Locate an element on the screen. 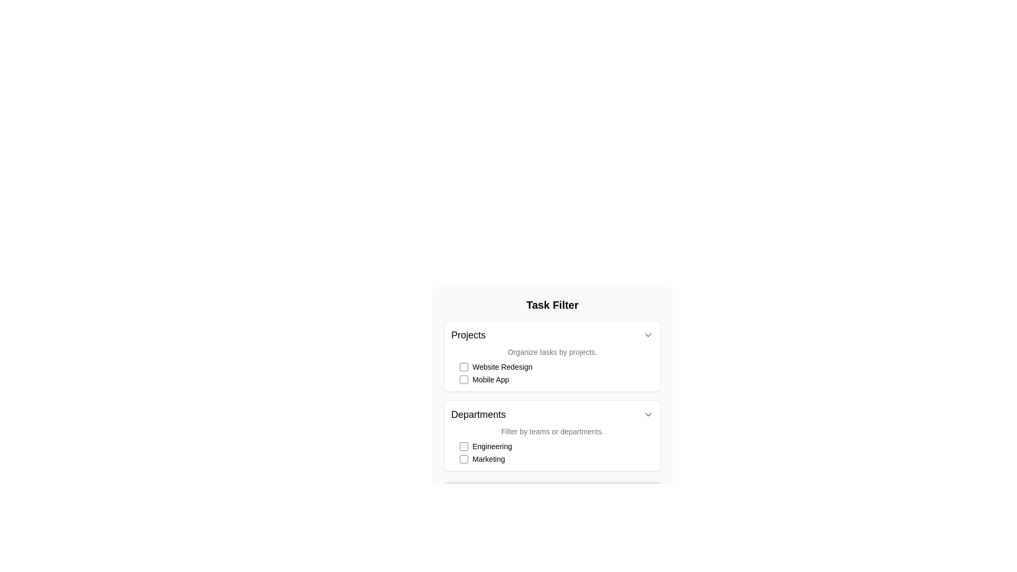  the visual feedback of the Dropdown toggle button located on the right side of the 'Departments' label within the 'Task Filter' section is located at coordinates (648, 414).